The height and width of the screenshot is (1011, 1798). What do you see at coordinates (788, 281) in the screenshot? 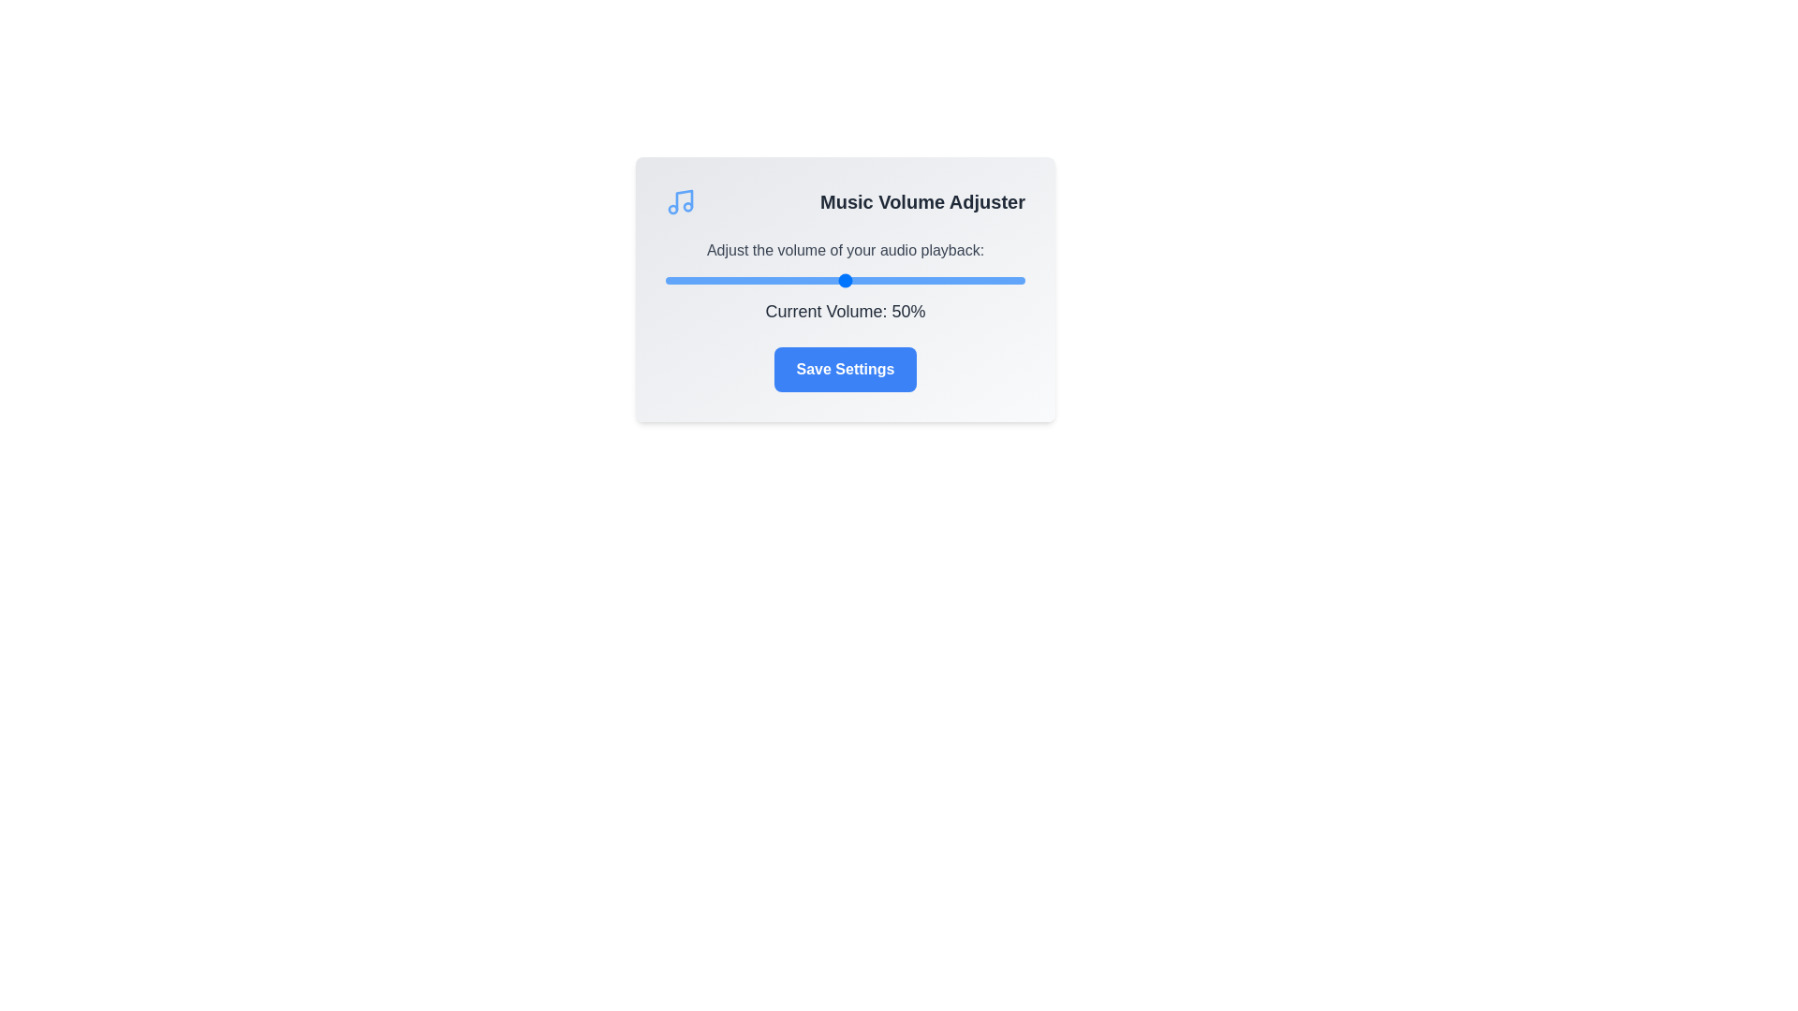
I see `the volume slider to 34%` at bounding box center [788, 281].